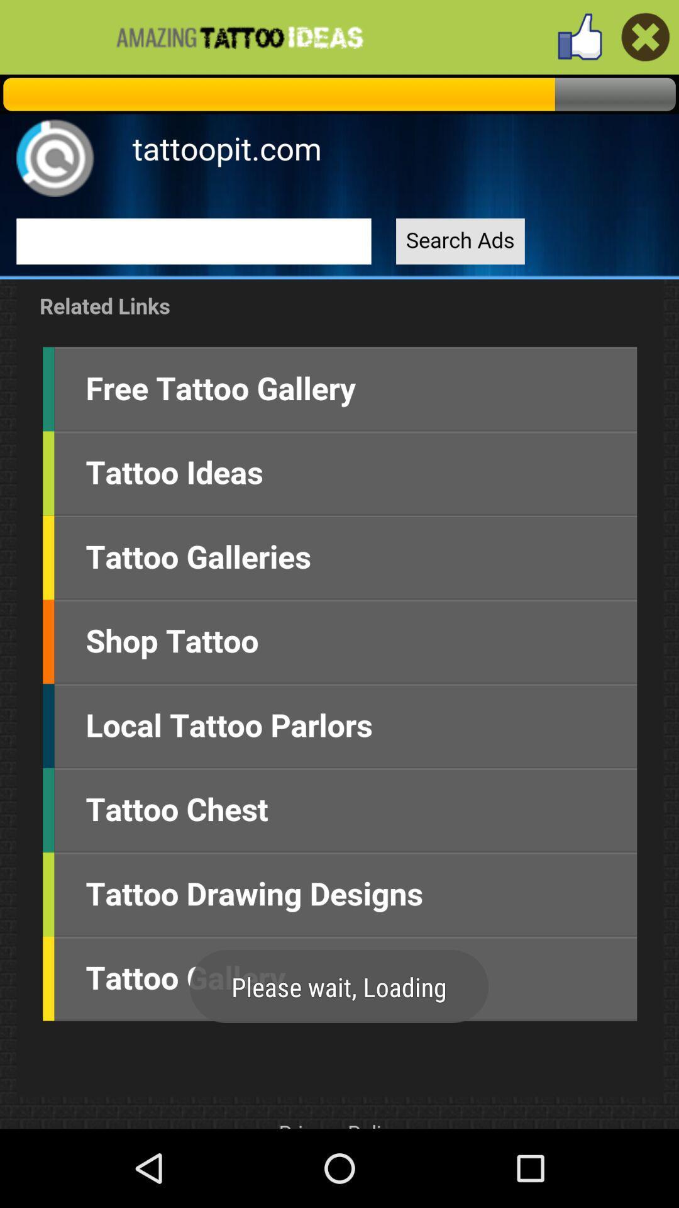 The height and width of the screenshot is (1208, 679). What do you see at coordinates (580, 36) in the screenshot?
I see `like page` at bounding box center [580, 36].